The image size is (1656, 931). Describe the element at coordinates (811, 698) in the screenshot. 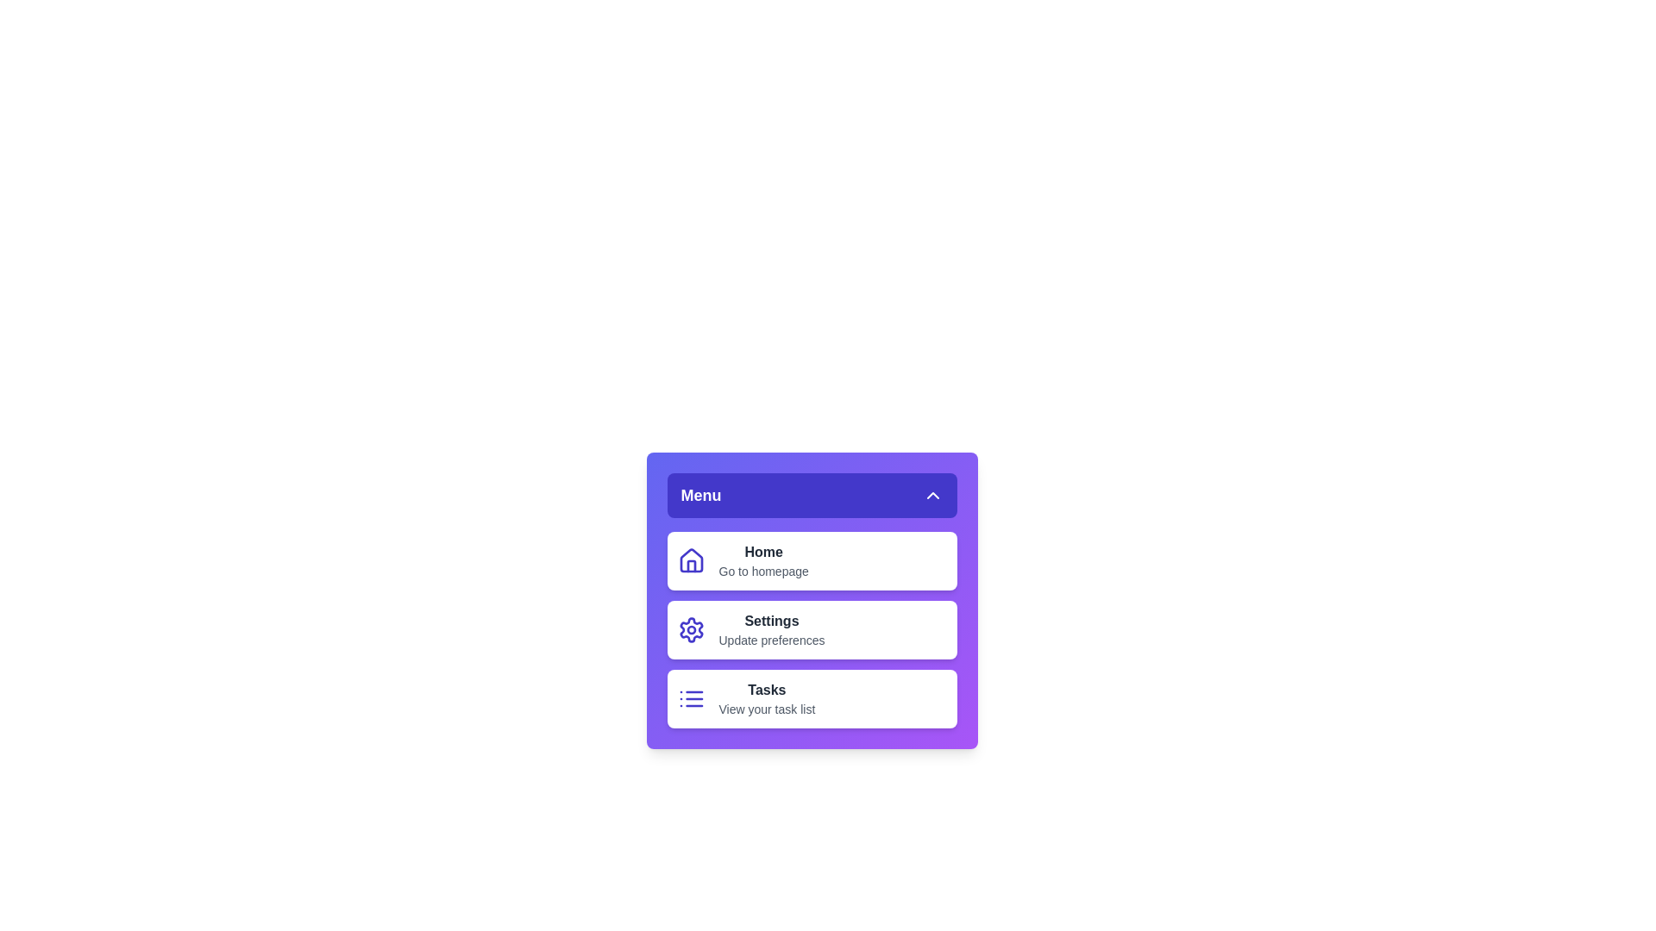

I see `the menu item labeled Tasks to observe its hover effect` at that location.